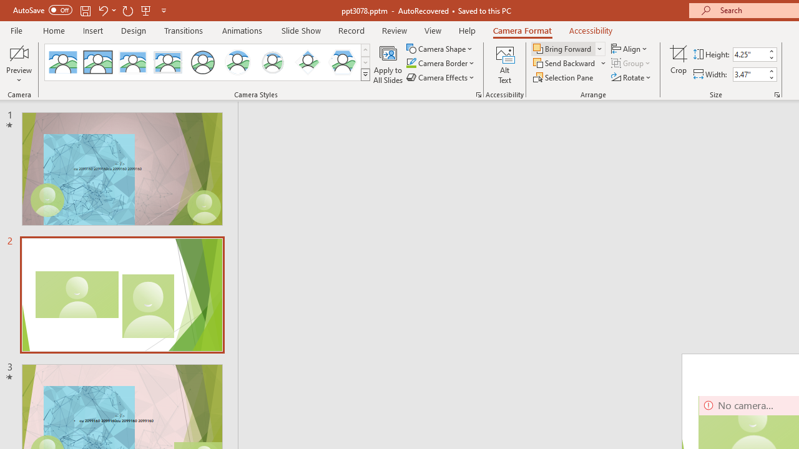 Image resolution: width=799 pixels, height=449 pixels. What do you see at coordinates (203, 62) in the screenshot?
I see `'Simple Frame Circle'` at bounding box center [203, 62].